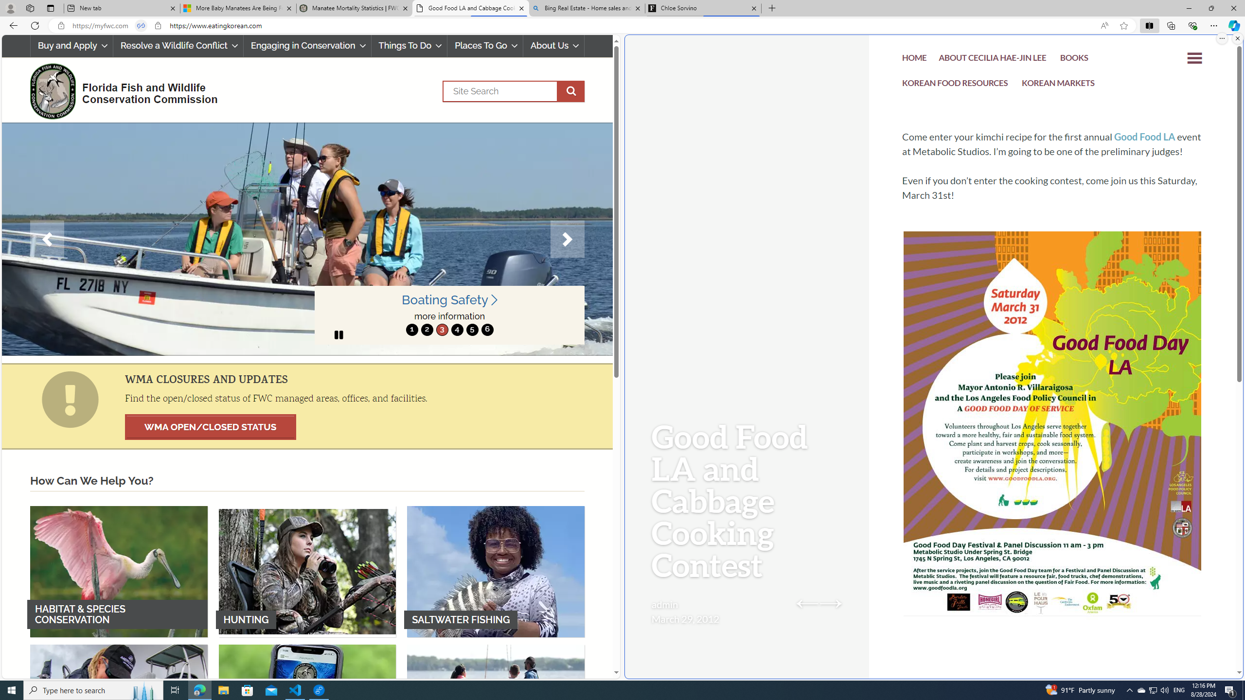  Describe the element at coordinates (355, 8) in the screenshot. I see `'Manatee Mortality Statistics | FWC'` at that location.